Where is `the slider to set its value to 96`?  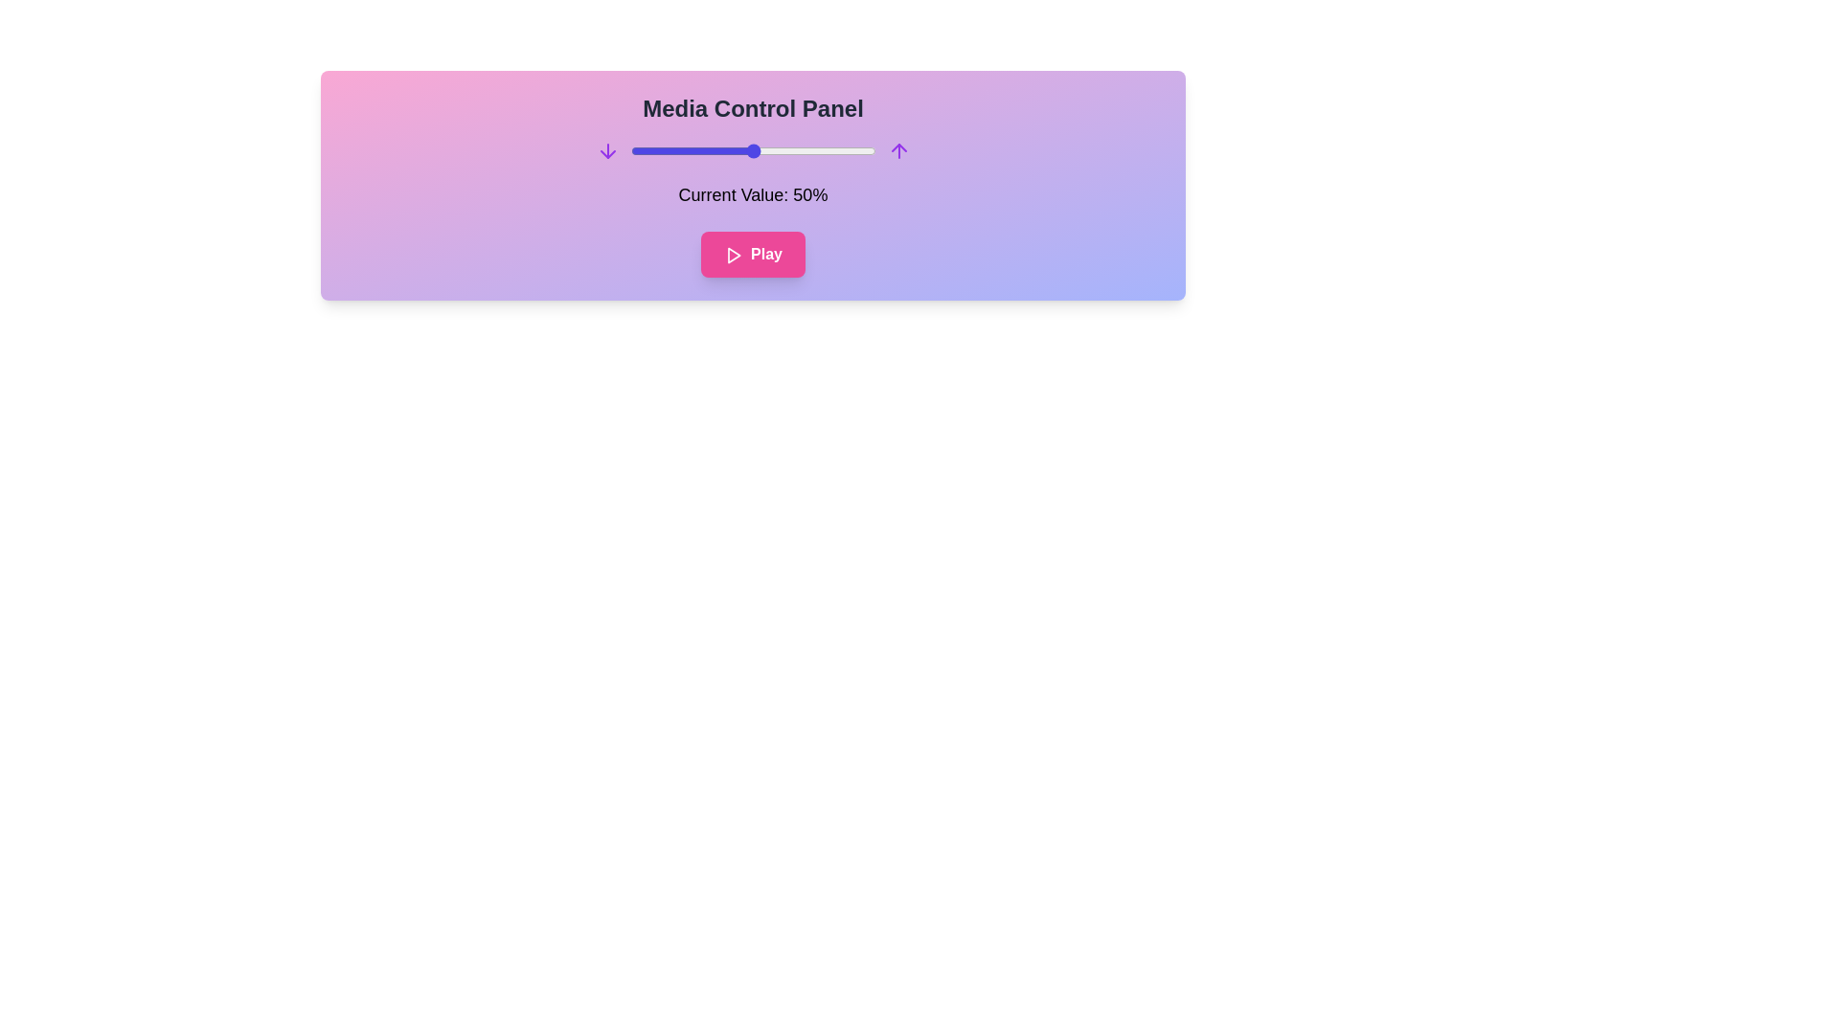 the slider to set its value to 96 is located at coordinates (865, 150).